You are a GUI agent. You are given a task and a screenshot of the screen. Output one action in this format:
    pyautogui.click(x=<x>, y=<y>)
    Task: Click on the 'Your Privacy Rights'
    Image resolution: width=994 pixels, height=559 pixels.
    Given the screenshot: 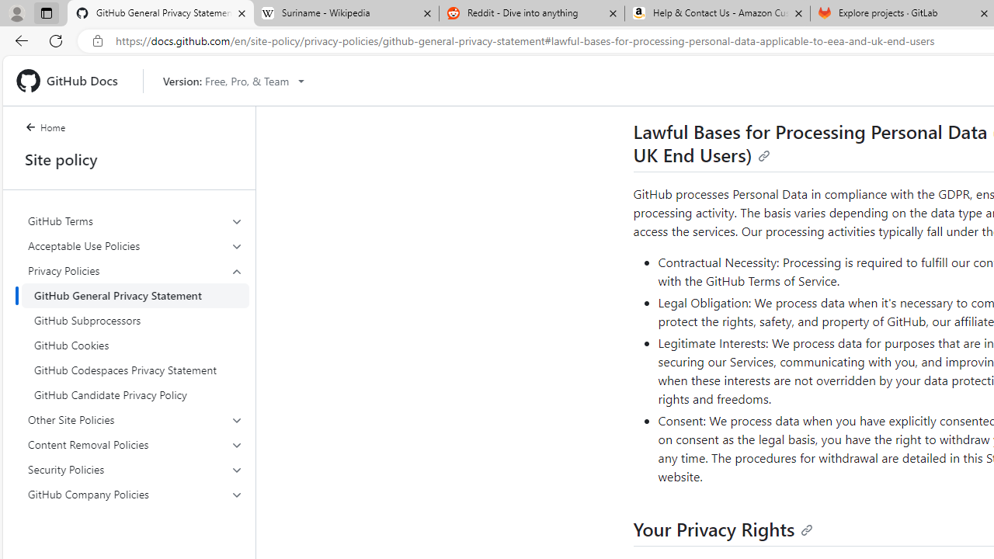 What is the action you would take?
    pyautogui.click(x=722, y=528)
    